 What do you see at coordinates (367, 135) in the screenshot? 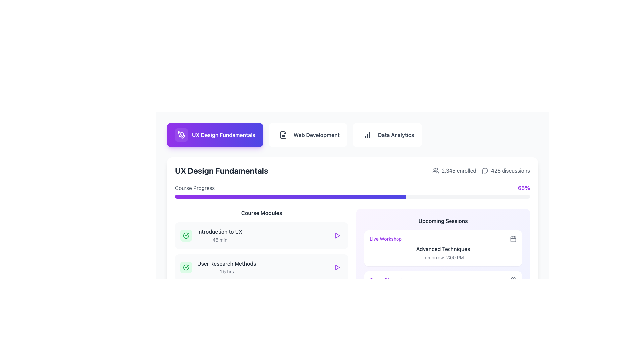
I see `the vertical bar chart icon, which is a small icon with three vertical bars of varying heights arranged in ascending order` at bounding box center [367, 135].